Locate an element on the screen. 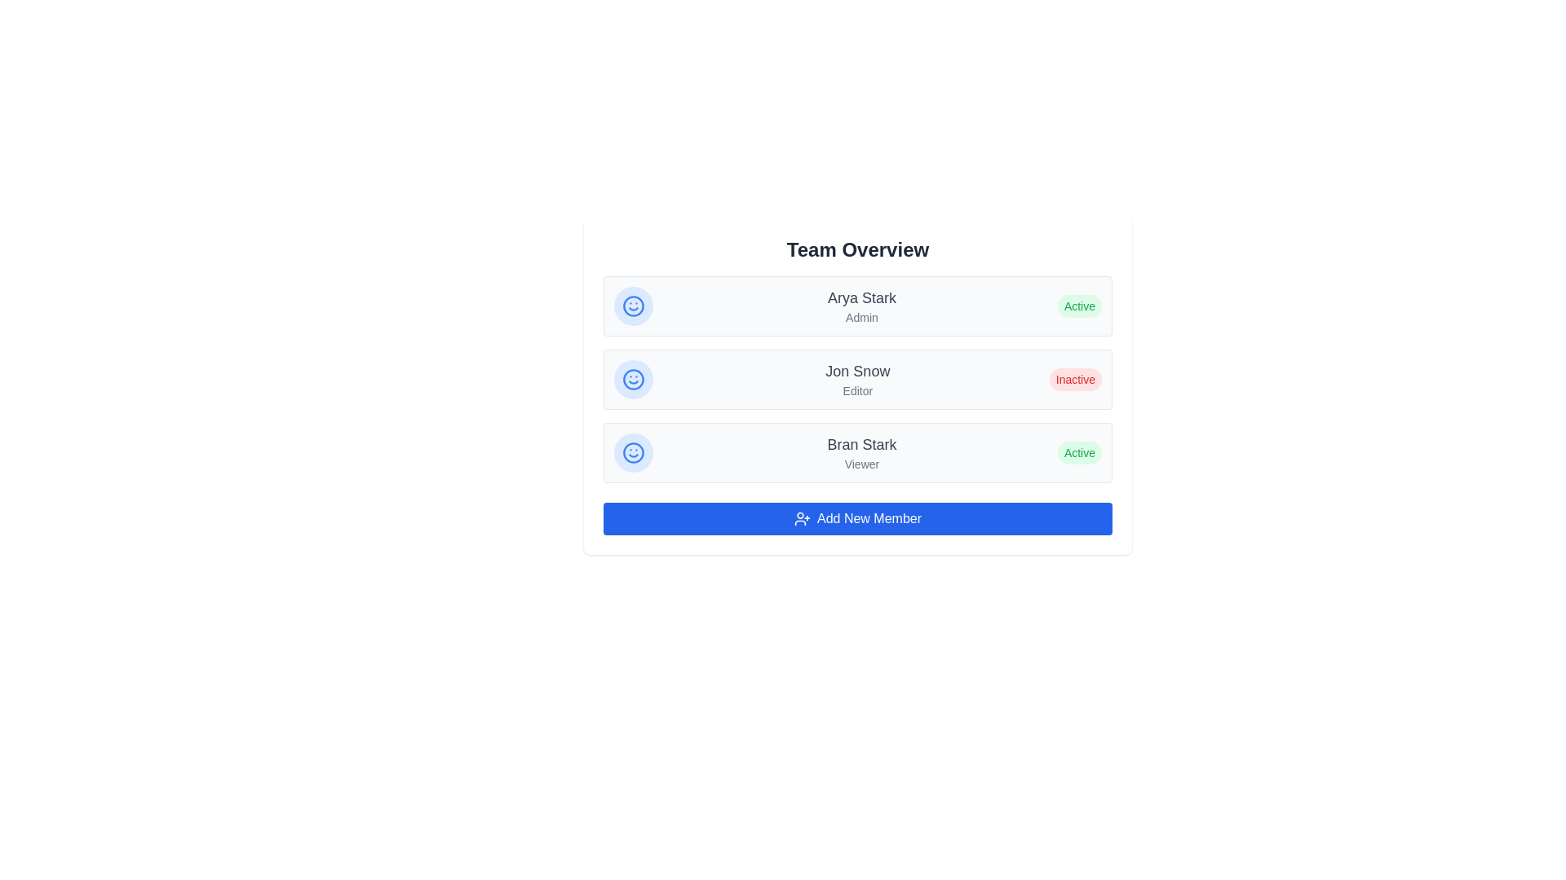 Image resolution: width=1566 pixels, height=880 pixels. the active status indicated by the badge for user 'Bran Stark', located in the 'Team Overview' section, third row, to the right of the 'Bran Stark Viewer' group is located at coordinates (1080, 452).